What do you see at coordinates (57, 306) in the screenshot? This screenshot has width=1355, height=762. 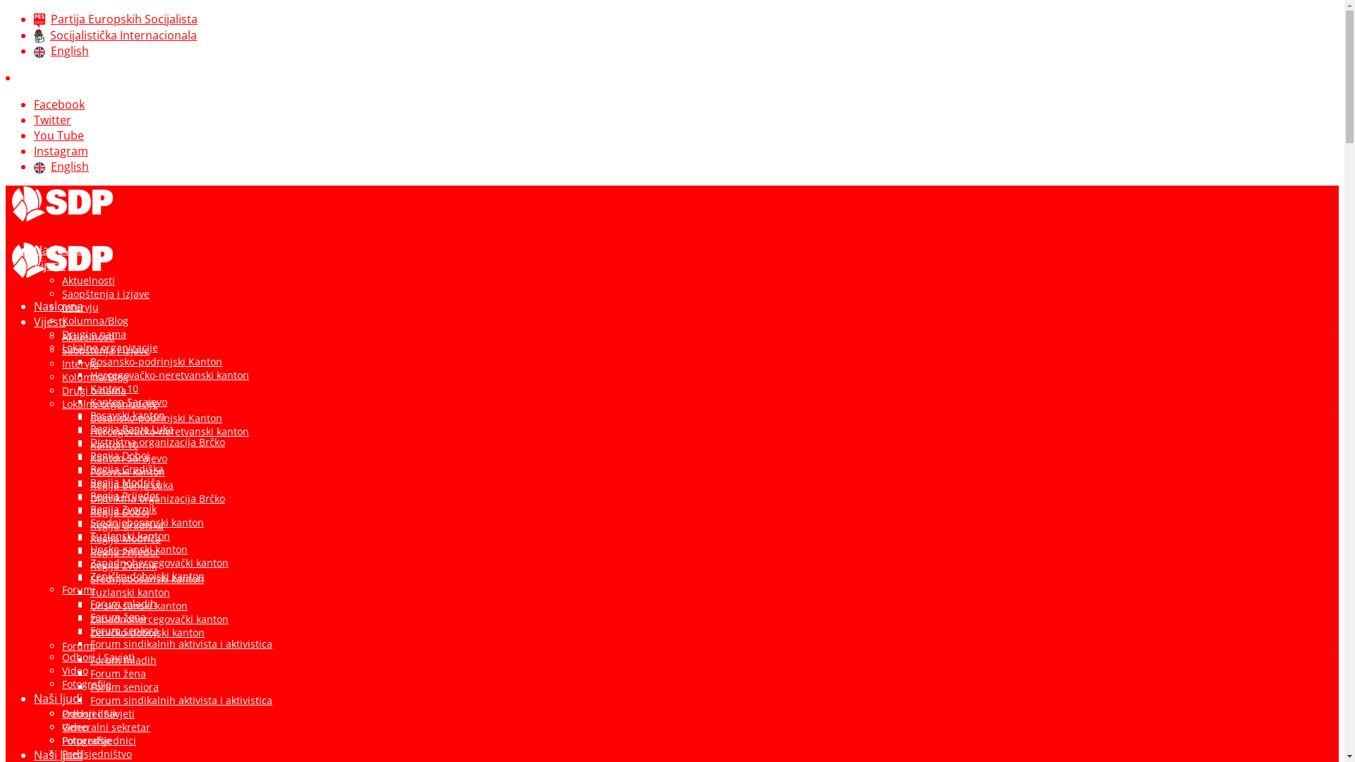 I see `'Naslovna'` at bounding box center [57, 306].